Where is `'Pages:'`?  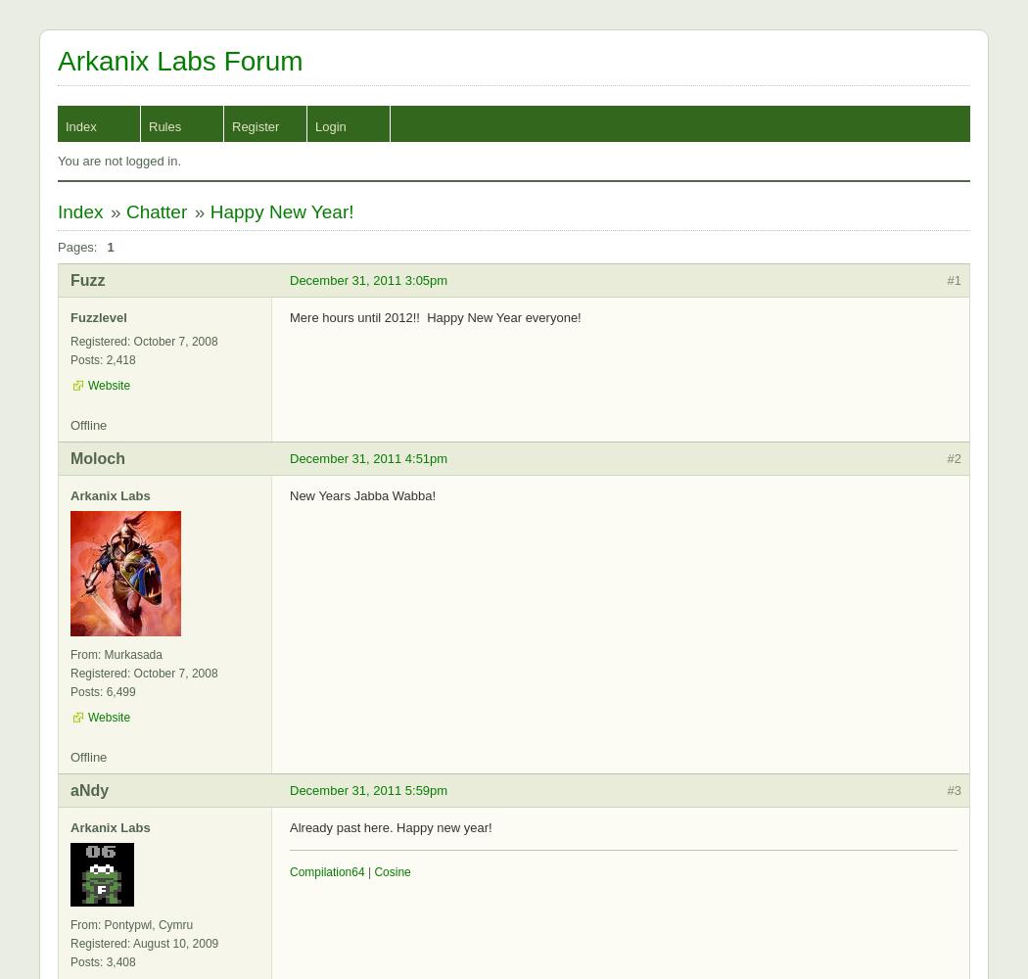
'Pages:' is located at coordinates (76, 247).